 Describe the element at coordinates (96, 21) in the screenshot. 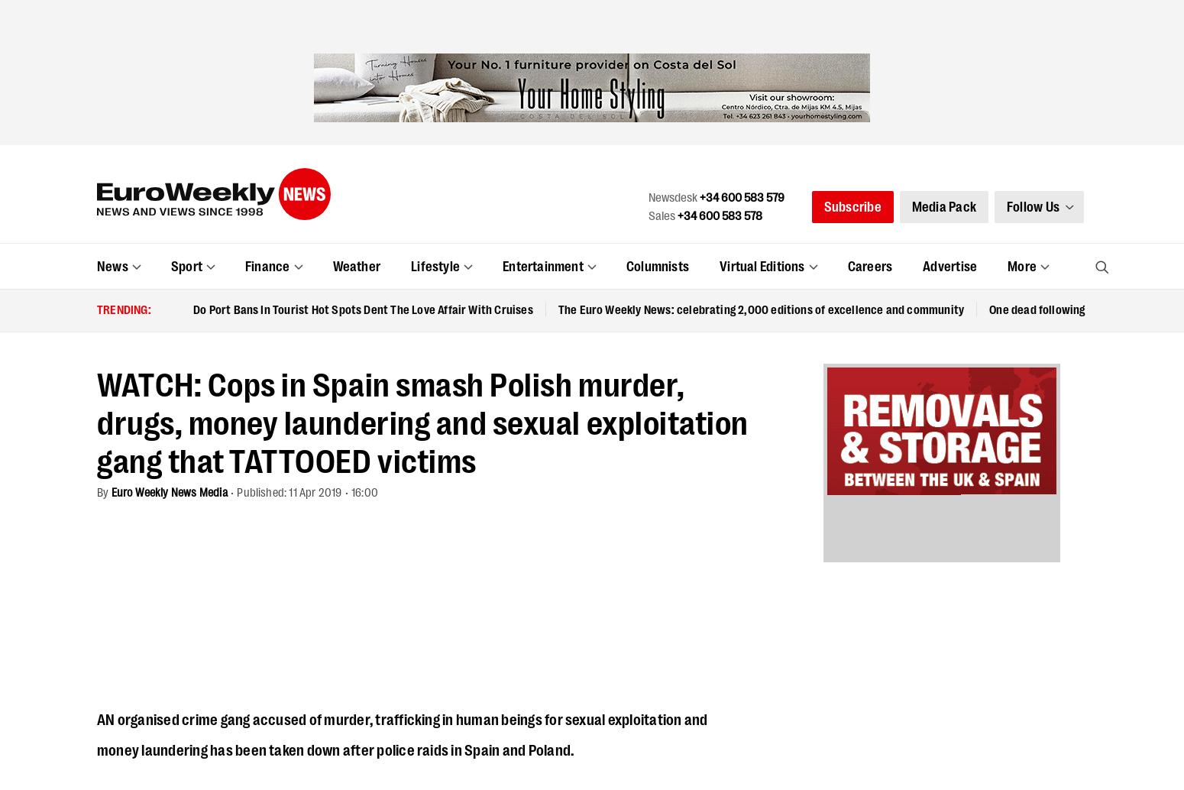

I see `'UPDATE: Imserso announces new deadline for pensioners wishing to book trips in Spain'` at that location.